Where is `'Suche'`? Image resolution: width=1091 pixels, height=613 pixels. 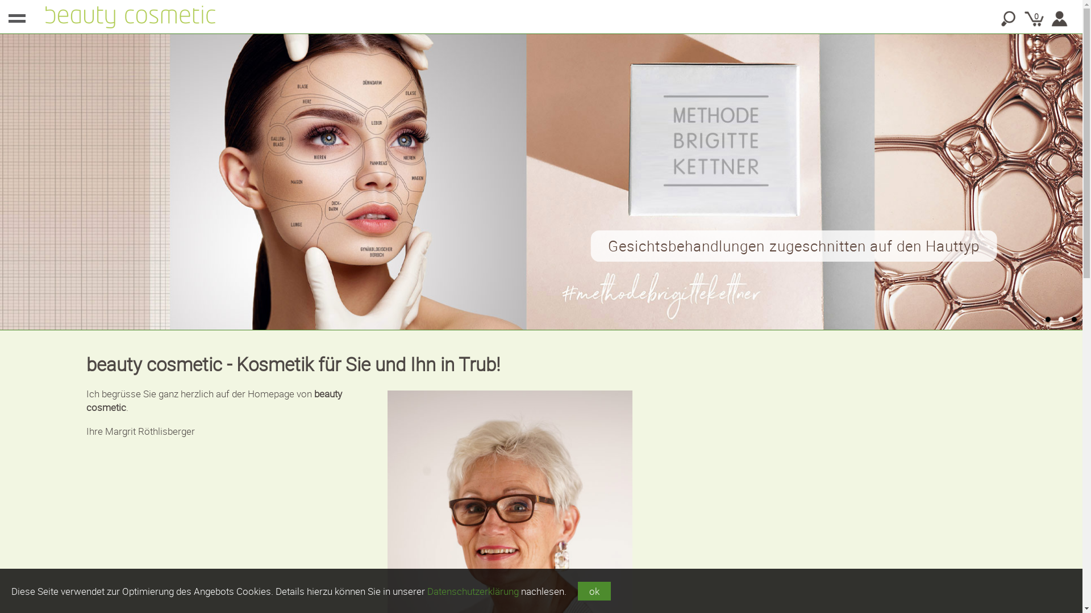
'Suche' is located at coordinates (1009, 19).